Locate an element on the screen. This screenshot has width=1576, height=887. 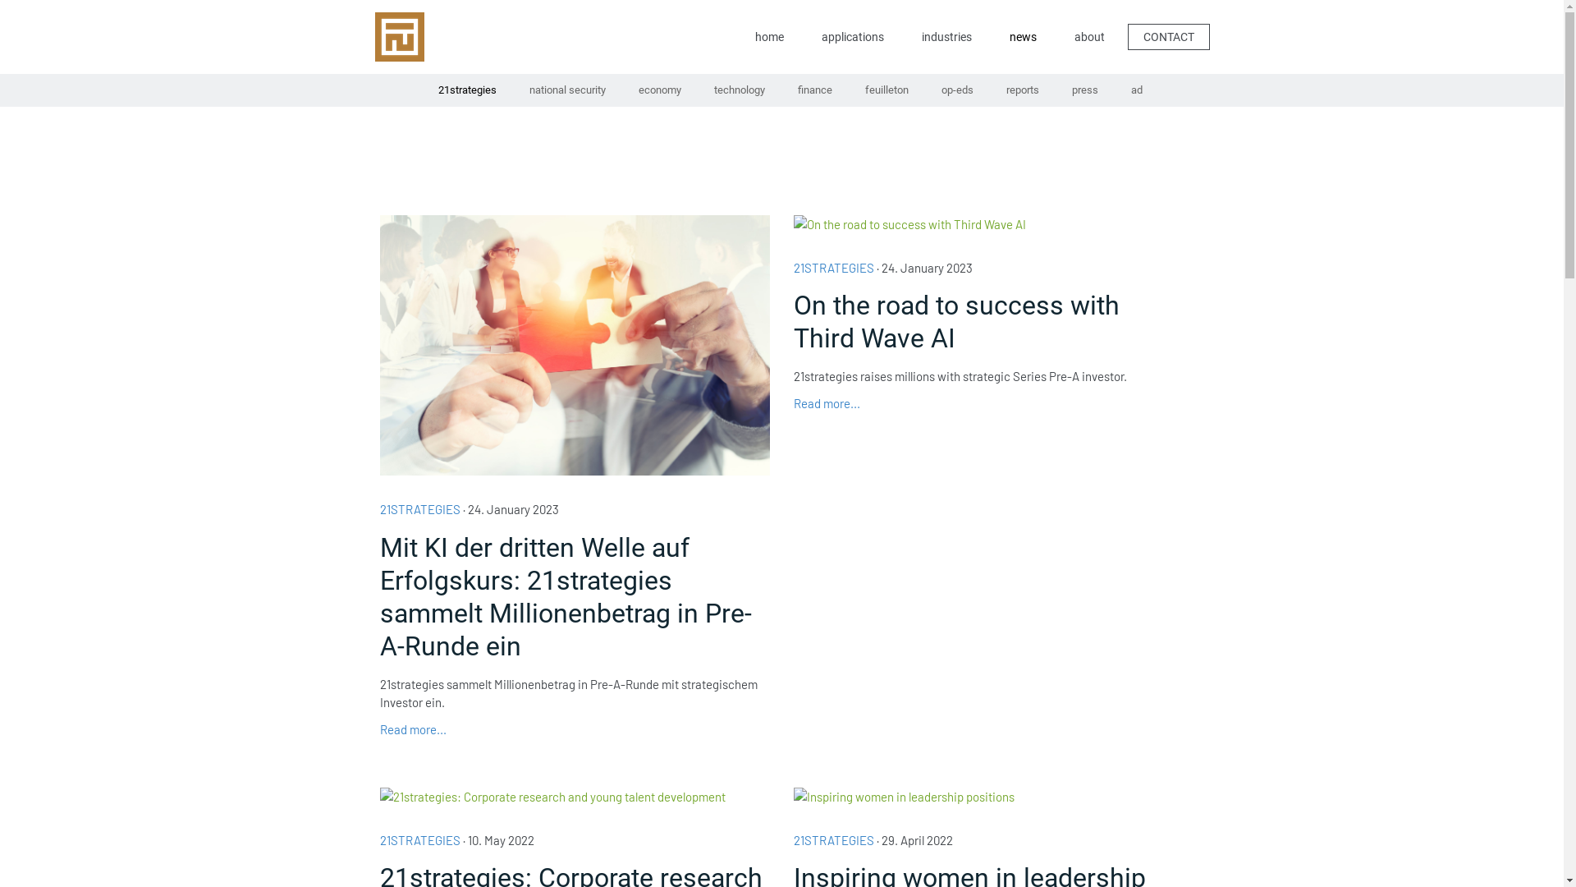
'about' is located at coordinates (1088, 37).